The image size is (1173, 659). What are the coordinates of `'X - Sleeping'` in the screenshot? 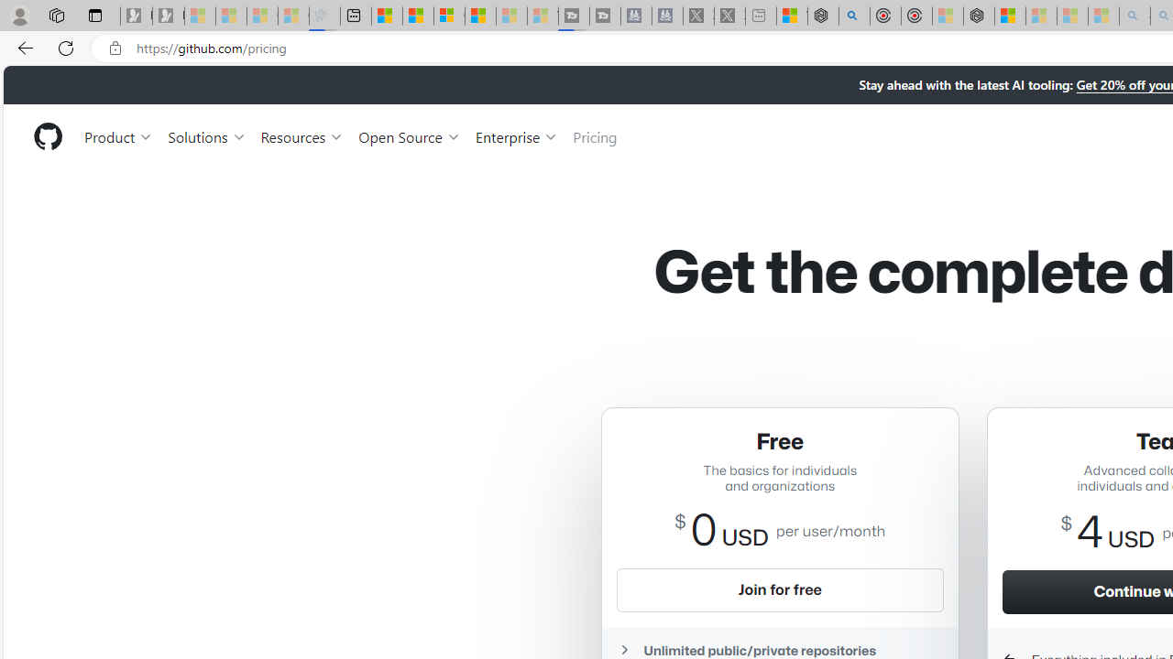 It's located at (729, 16).